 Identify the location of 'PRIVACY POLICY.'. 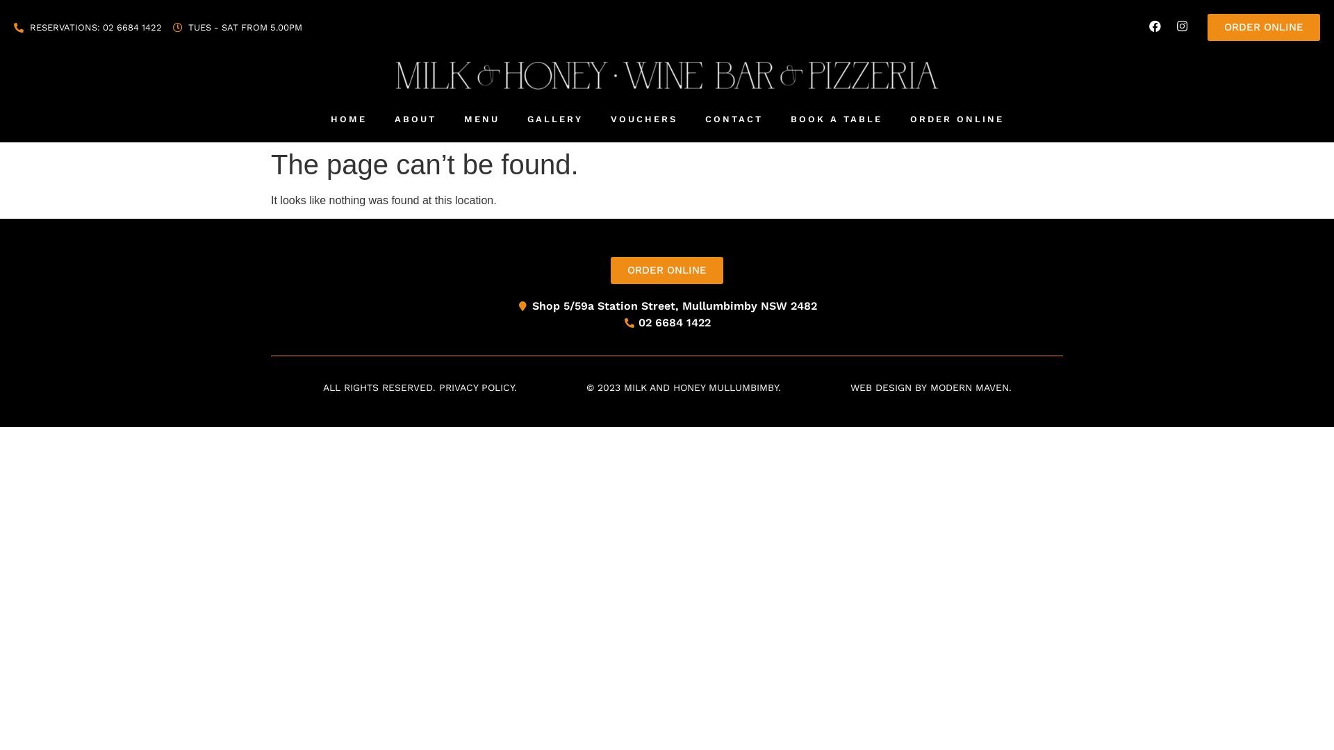
(477, 387).